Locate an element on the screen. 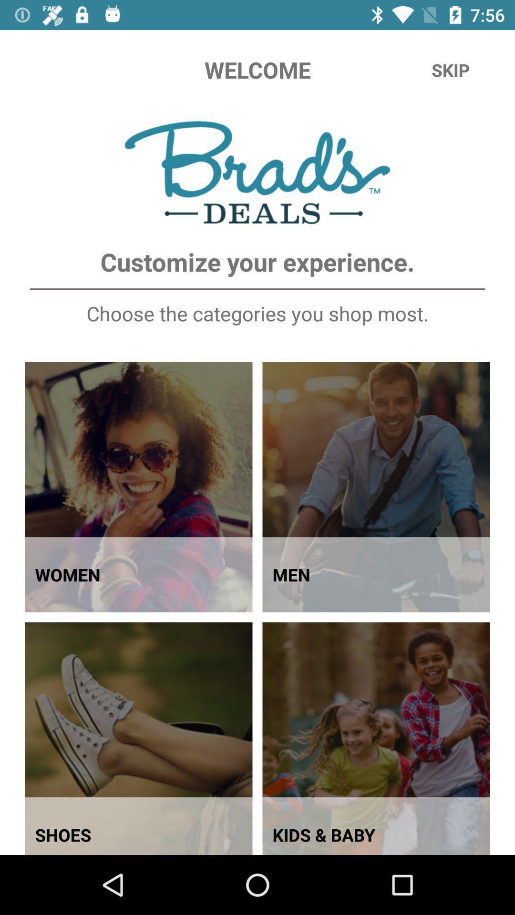 This screenshot has height=915, width=515. the skip item is located at coordinates (451, 70).